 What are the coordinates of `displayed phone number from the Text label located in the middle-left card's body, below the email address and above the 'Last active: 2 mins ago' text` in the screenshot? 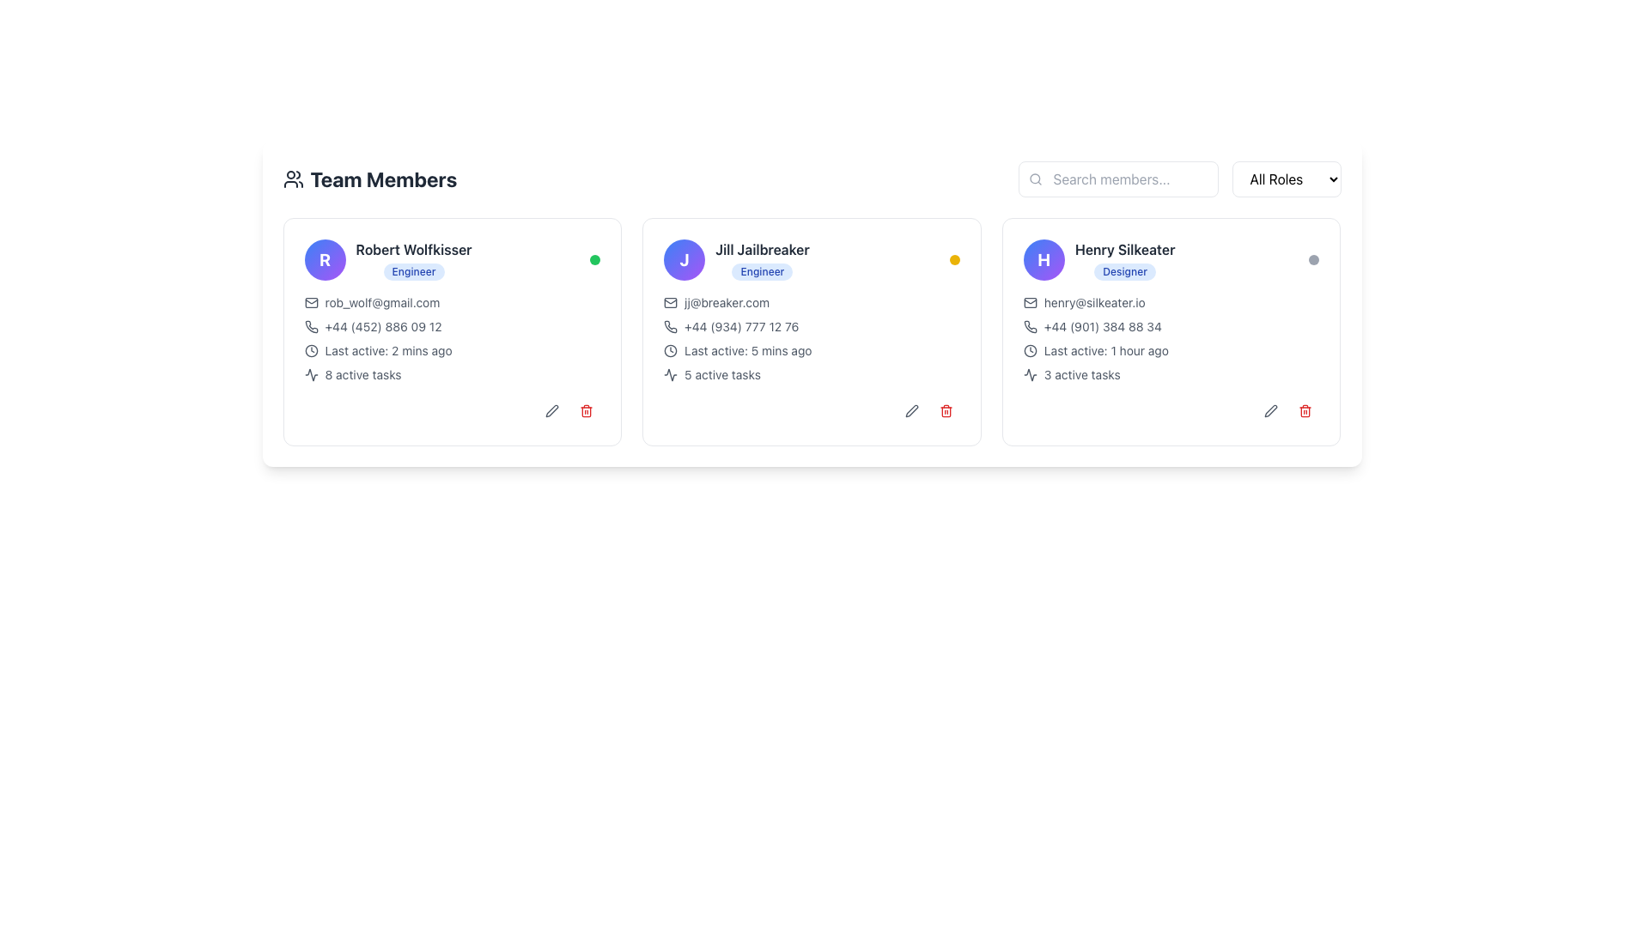 It's located at (382, 327).